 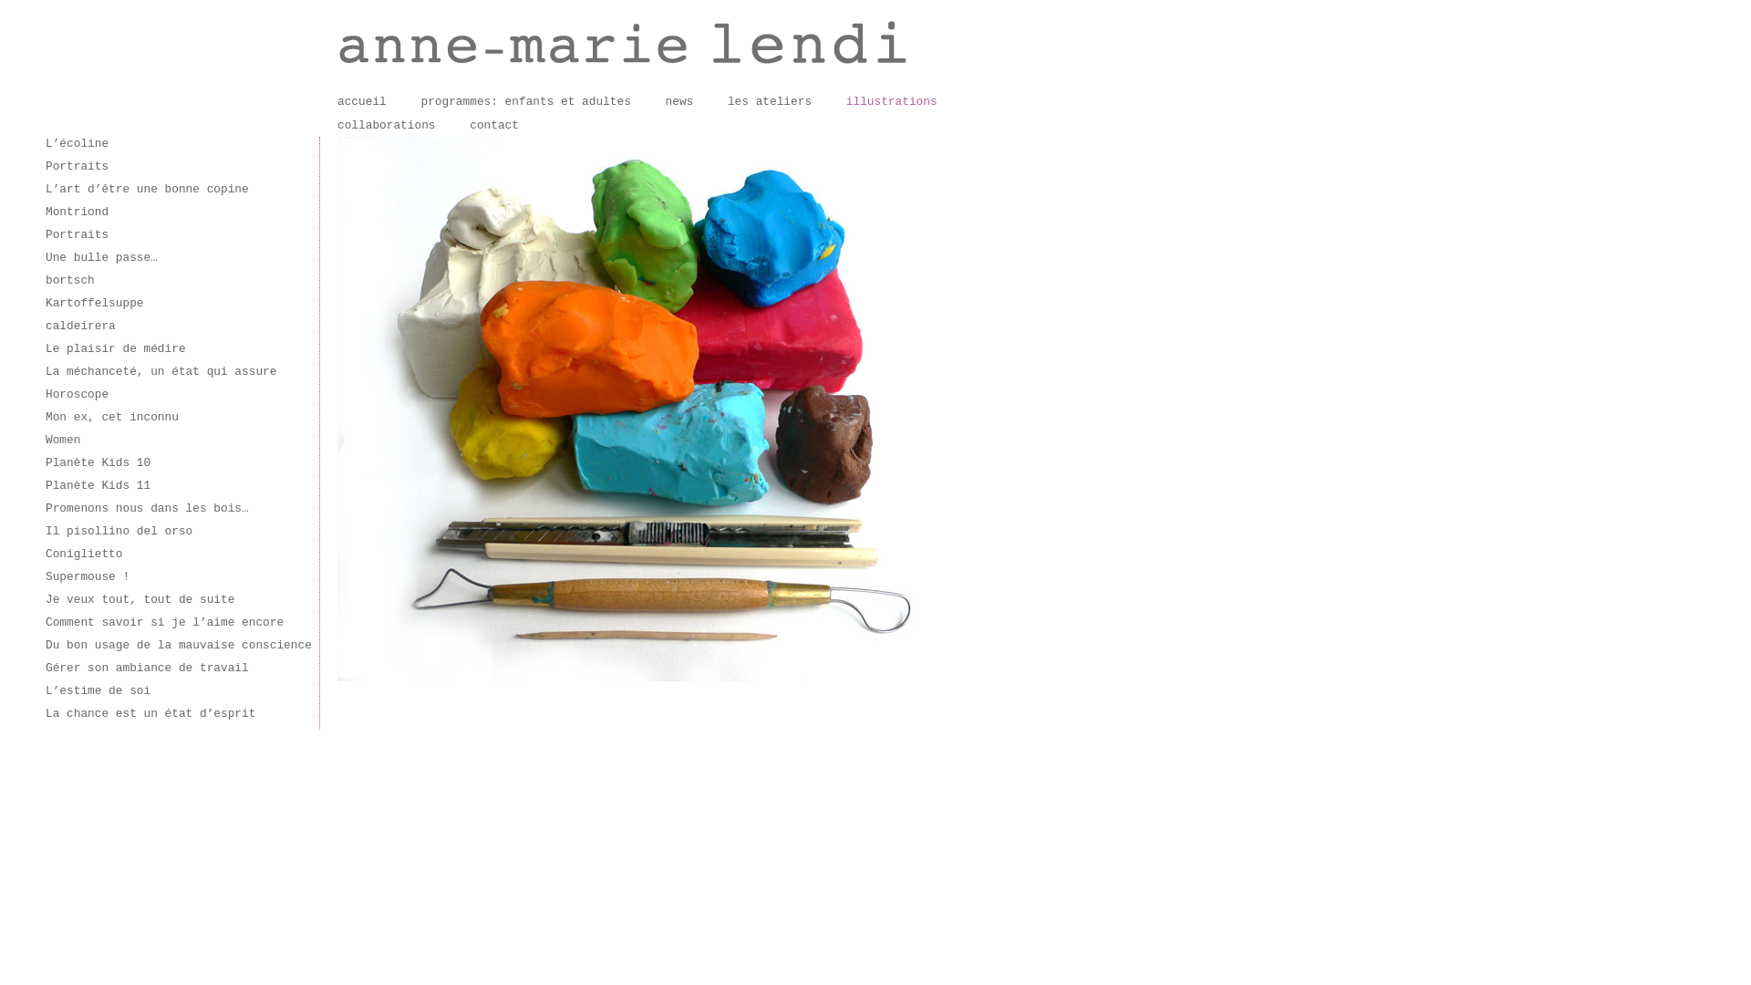 I want to click on 'Women', so click(x=62, y=440).